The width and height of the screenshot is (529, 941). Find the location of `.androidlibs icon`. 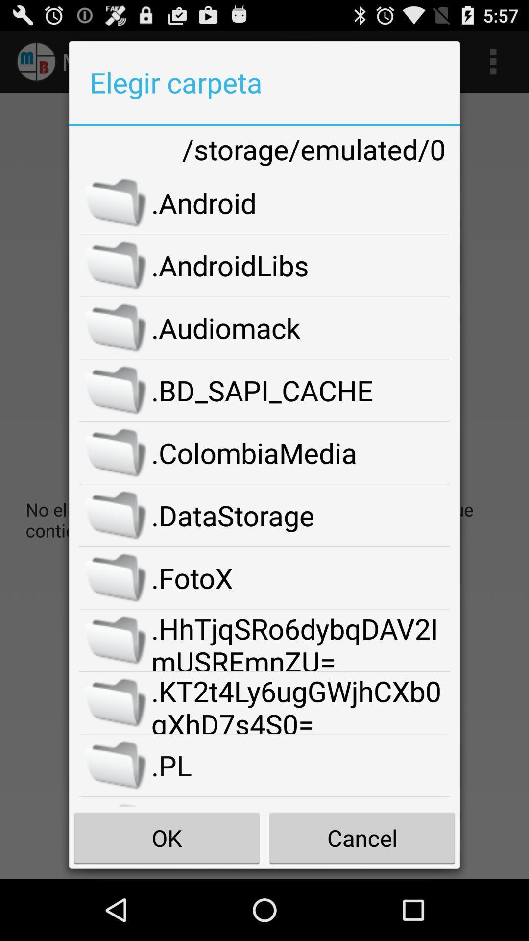

.androidlibs icon is located at coordinates (300, 265).